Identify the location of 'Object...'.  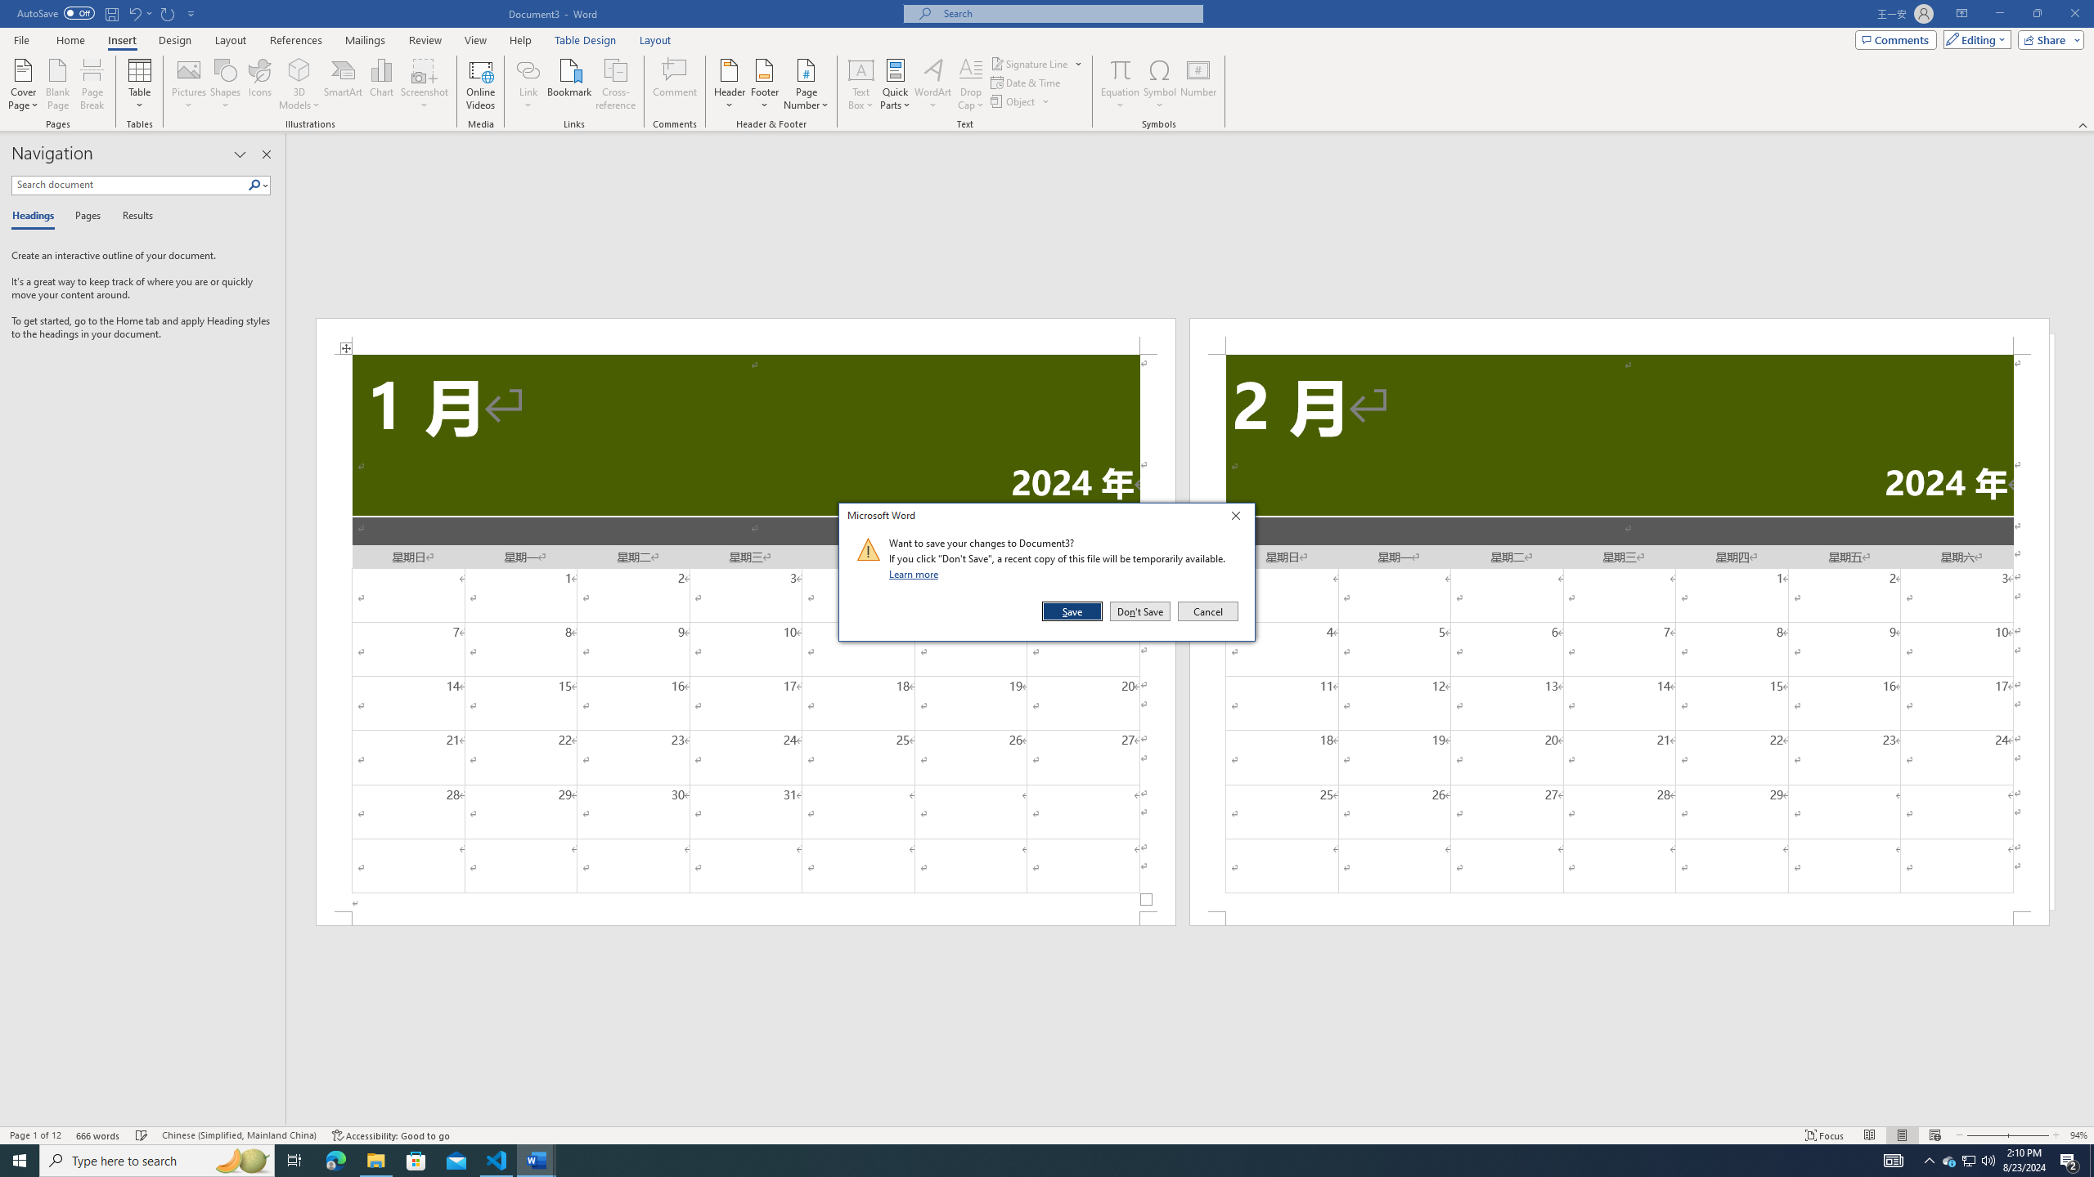
(1020, 100).